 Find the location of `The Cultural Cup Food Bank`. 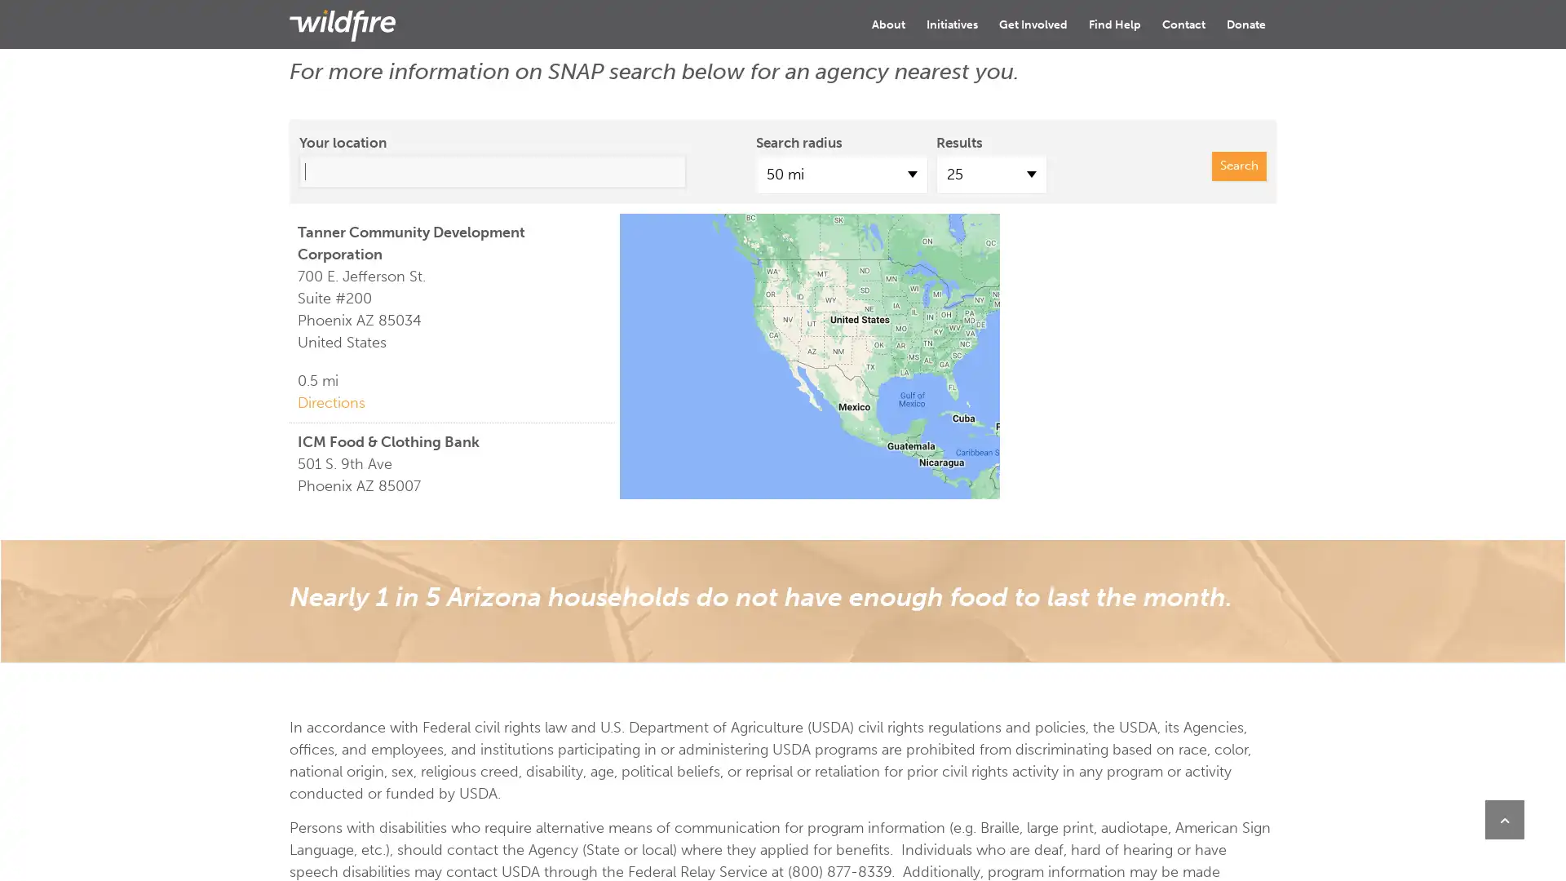

The Cultural Cup Food Bank is located at coordinates (944, 322).